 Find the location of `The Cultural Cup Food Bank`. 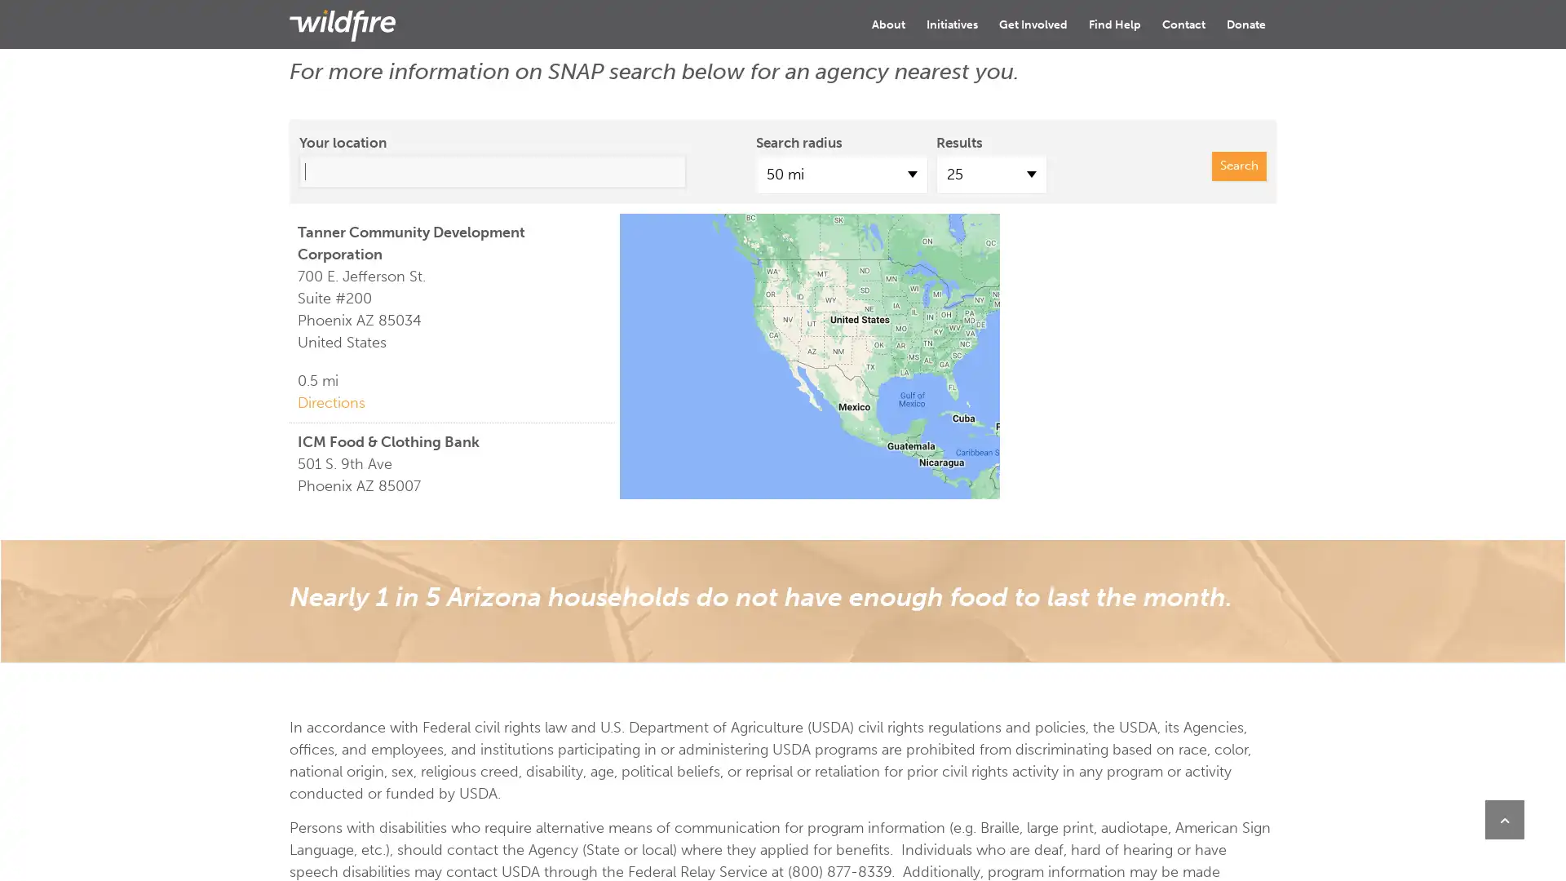

The Cultural Cup Food Bank is located at coordinates (944, 322).